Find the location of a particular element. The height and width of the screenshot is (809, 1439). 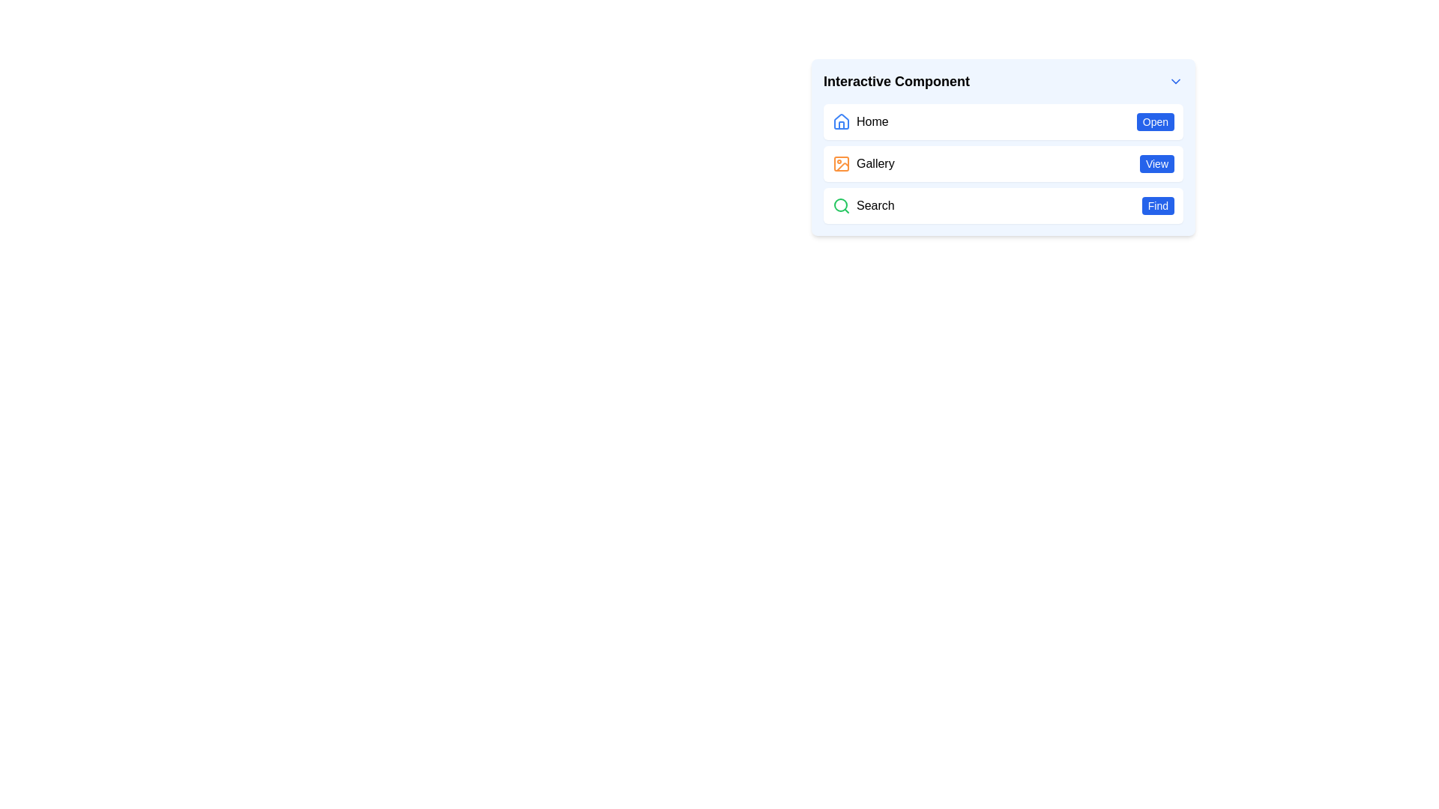

the second selectable list item with an action button positioned between 'Home' and 'Search' is located at coordinates (1004, 164).